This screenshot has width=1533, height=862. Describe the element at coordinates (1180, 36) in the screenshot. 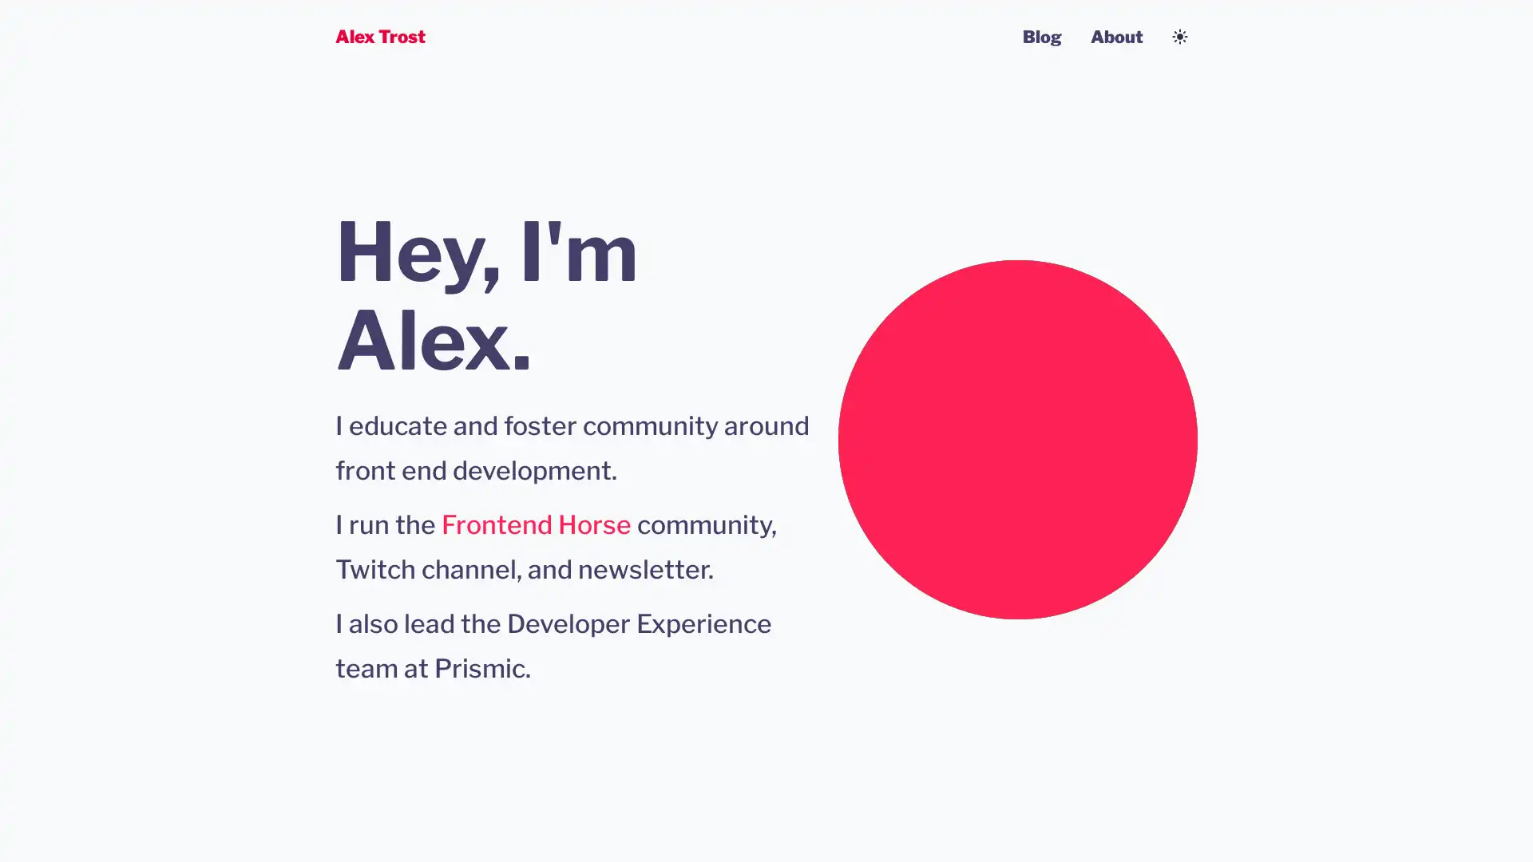

I see `Change to dark mode` at that location.